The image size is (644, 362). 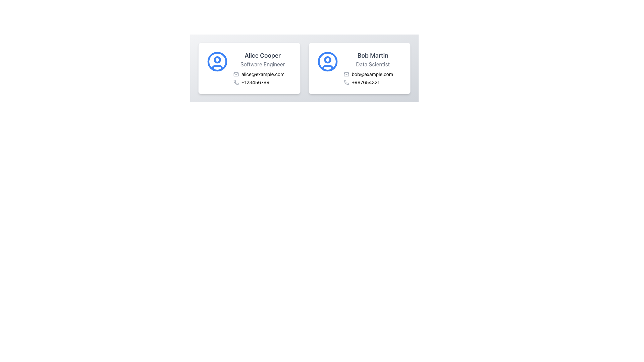 I want to click on the text label displaying the job title of 'Bob Martin', which is positioned below his name and above his email address in the information card, so click(x=372, y=64).